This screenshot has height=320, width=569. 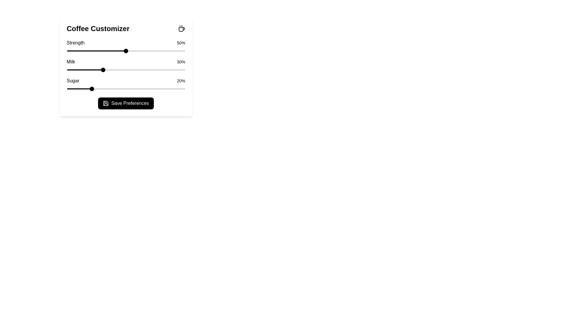 What do you see at coordinates (112, 89) in the screenshot?
I see `sugar level` at bounding box center [112, 89].